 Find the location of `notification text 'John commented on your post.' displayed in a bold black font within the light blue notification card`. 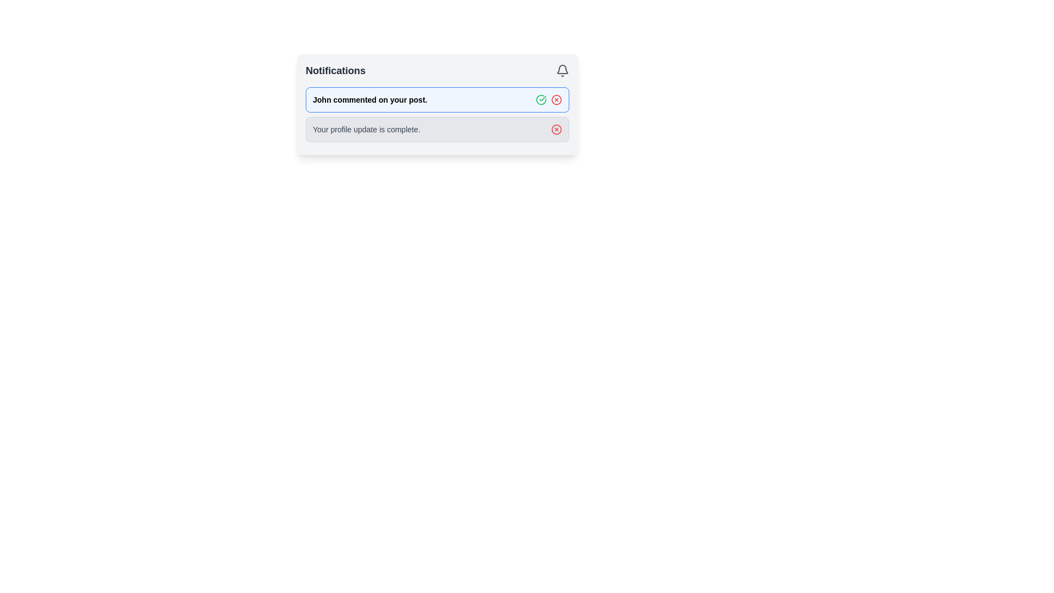

notification text 'John commented on your post.' displayed in a bold black font within the light blue notification card is located at coordinates (370, 99).